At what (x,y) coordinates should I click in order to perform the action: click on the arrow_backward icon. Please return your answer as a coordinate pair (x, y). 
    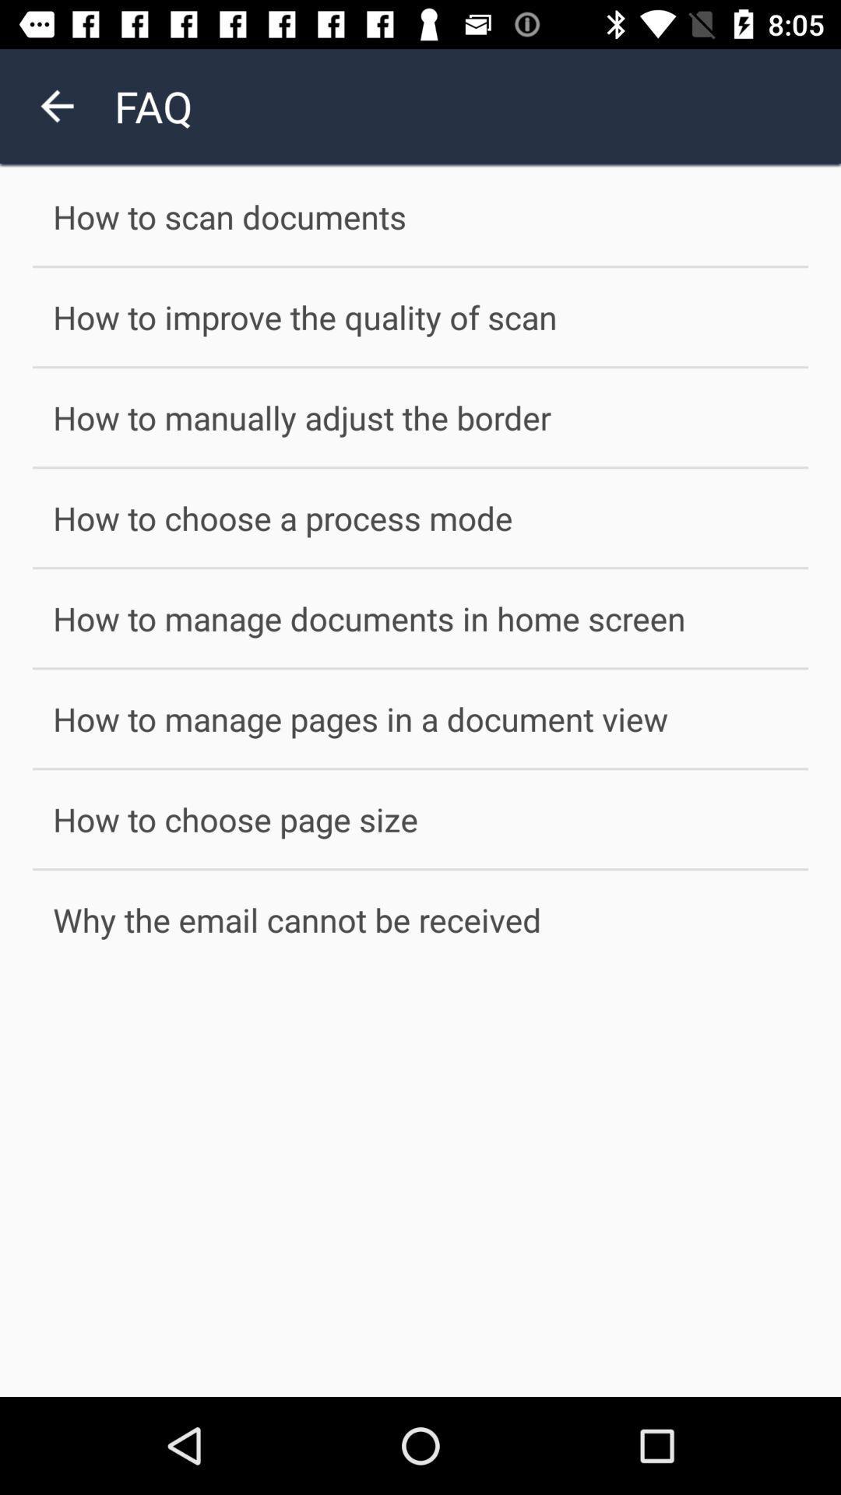
    Looking at the image, I should click on (56, 105).